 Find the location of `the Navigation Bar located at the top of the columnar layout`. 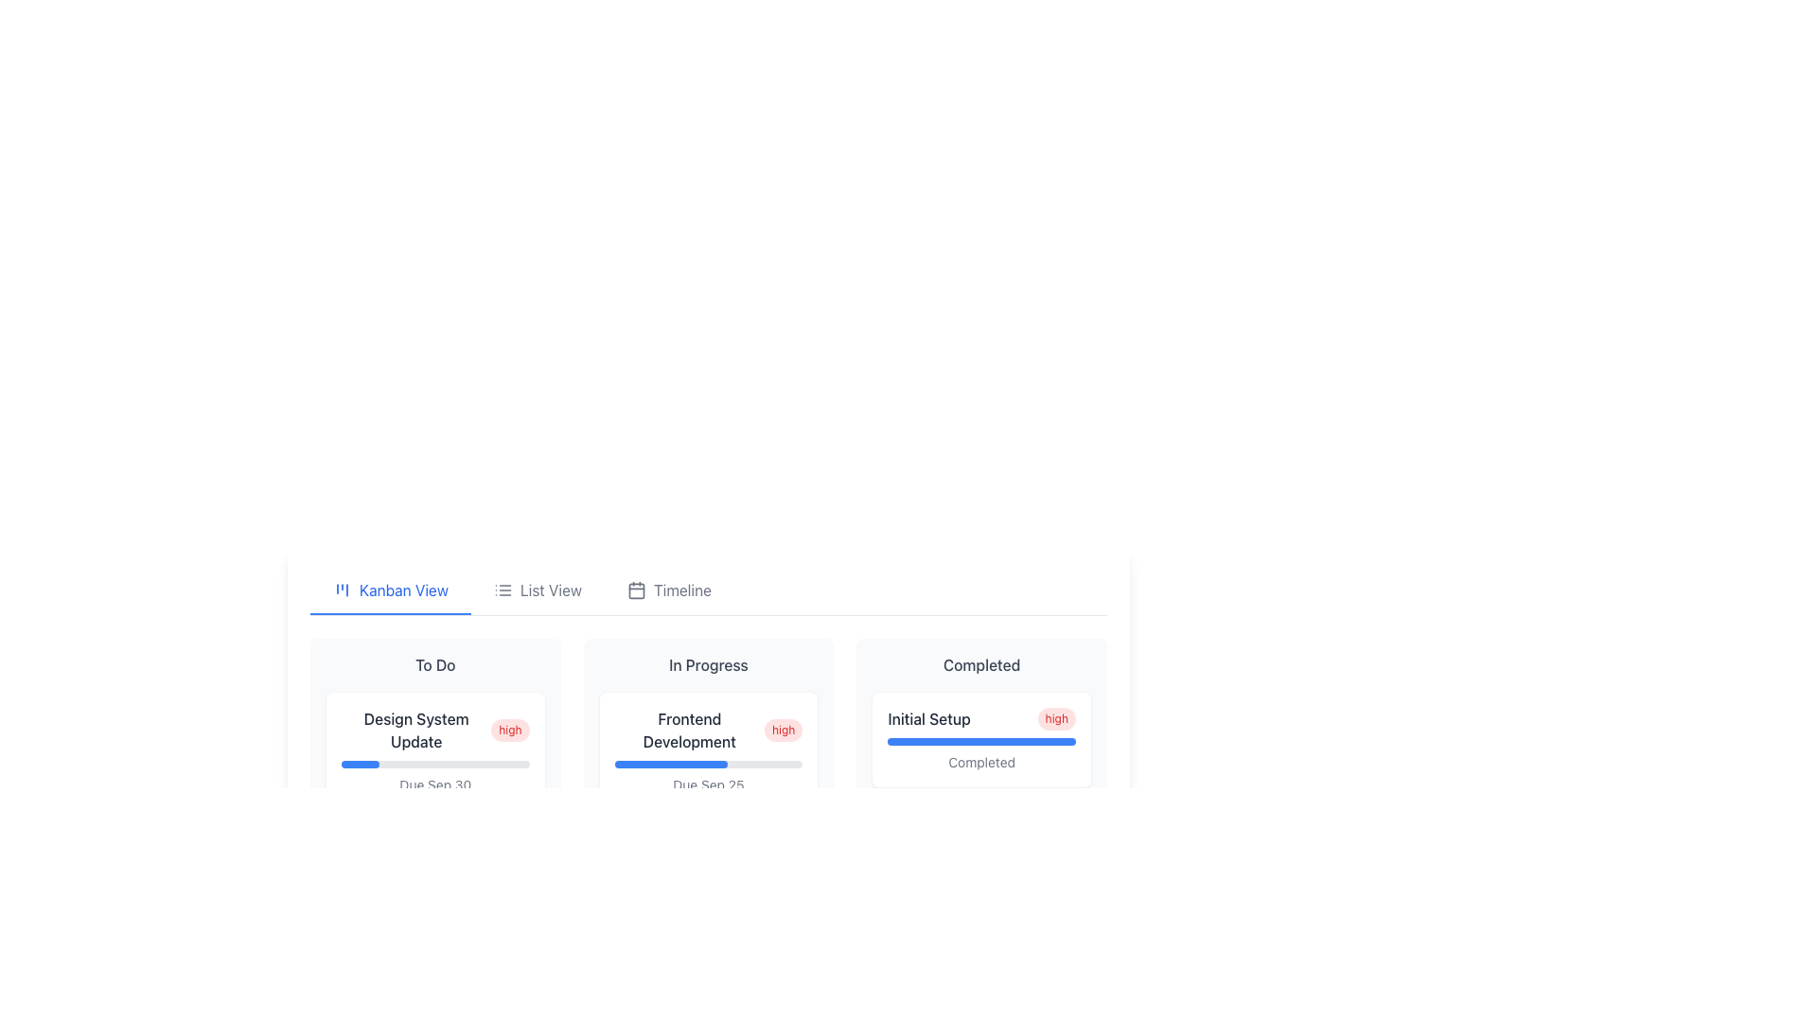

the Navigation Bar located at the top of the columnar layout is located at coordinates (707, 590).